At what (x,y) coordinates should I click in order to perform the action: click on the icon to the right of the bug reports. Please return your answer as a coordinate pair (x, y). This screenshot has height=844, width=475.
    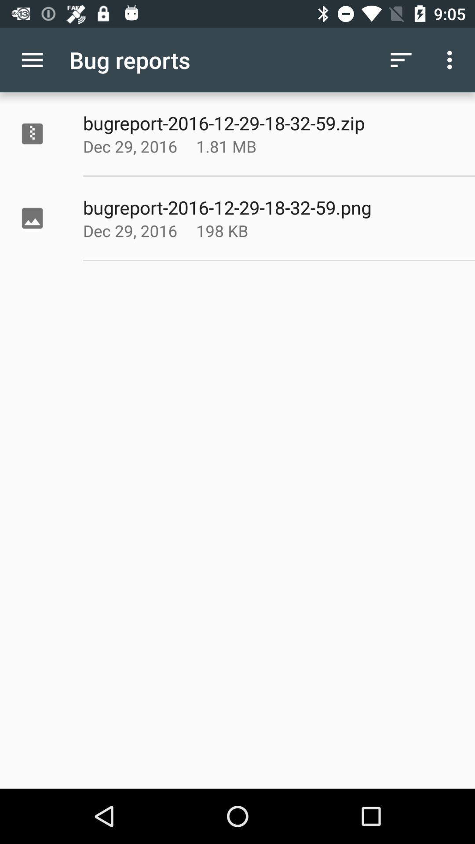
    Looking at the image, I should click on (401, 59).